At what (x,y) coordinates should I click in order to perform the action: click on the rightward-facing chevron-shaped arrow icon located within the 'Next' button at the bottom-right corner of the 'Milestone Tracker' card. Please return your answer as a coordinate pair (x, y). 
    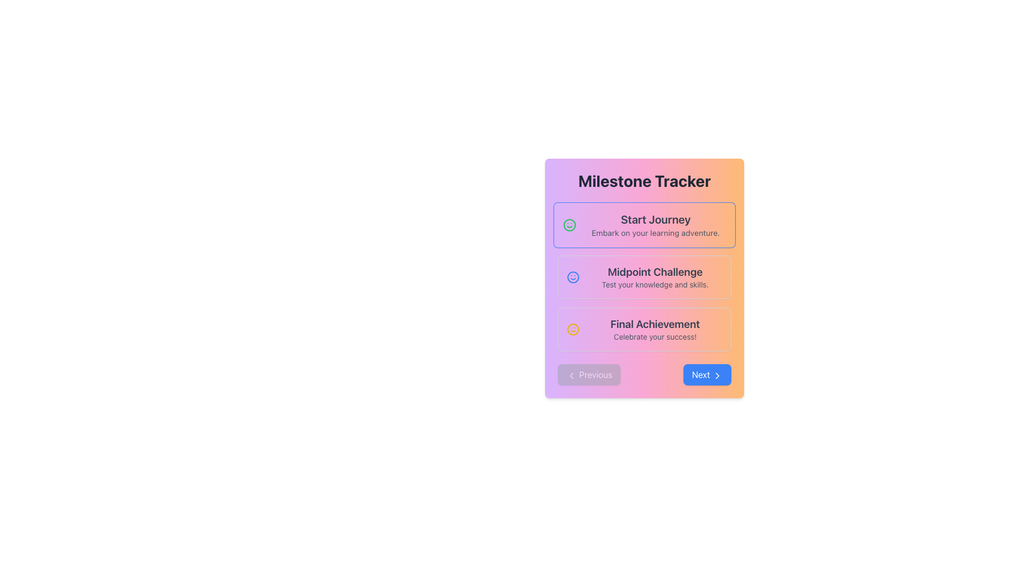
    Looking at the image, I should click on (718, 375).